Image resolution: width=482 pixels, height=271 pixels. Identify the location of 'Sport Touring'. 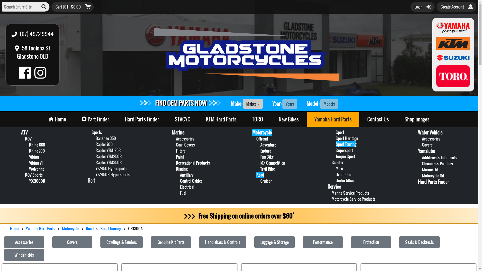
(345, 144).